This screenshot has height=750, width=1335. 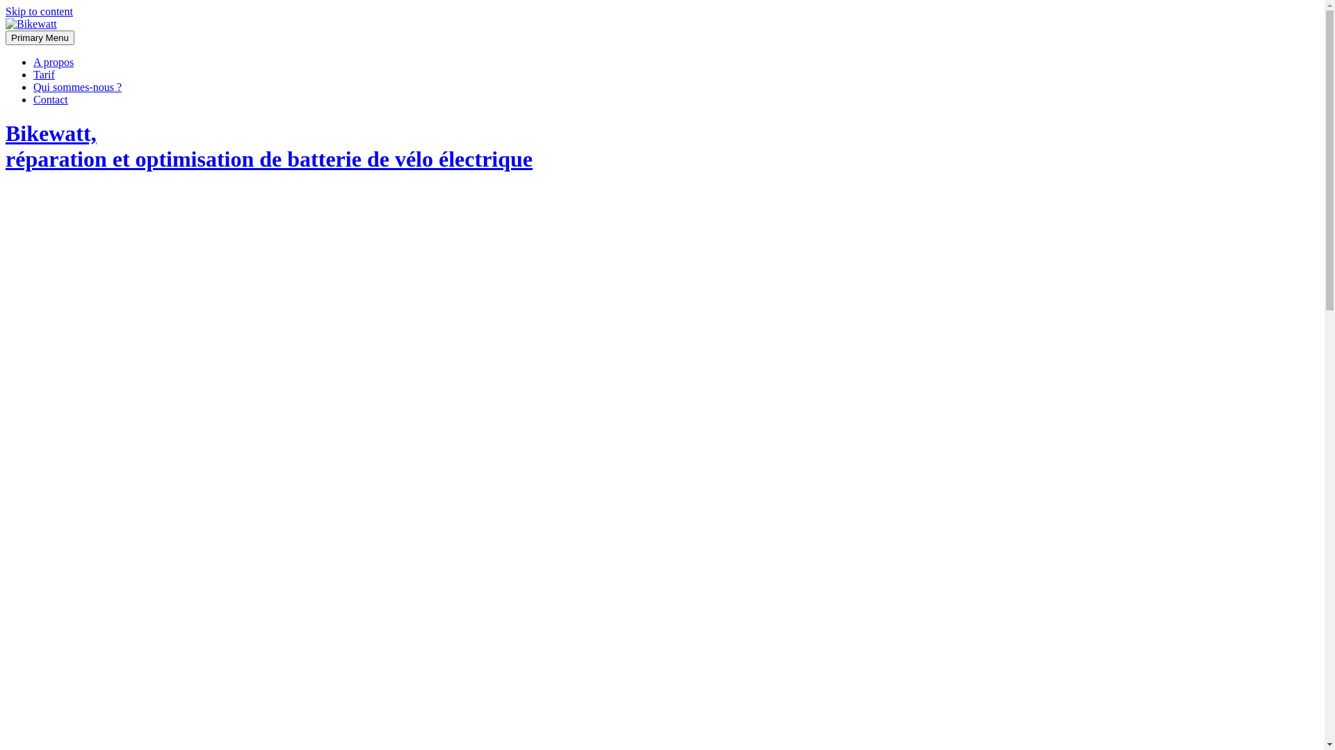 What do you see at coordinates (44, 74) in the screenshot?
I see `'Tarif'` at bounding box center [44, 74].